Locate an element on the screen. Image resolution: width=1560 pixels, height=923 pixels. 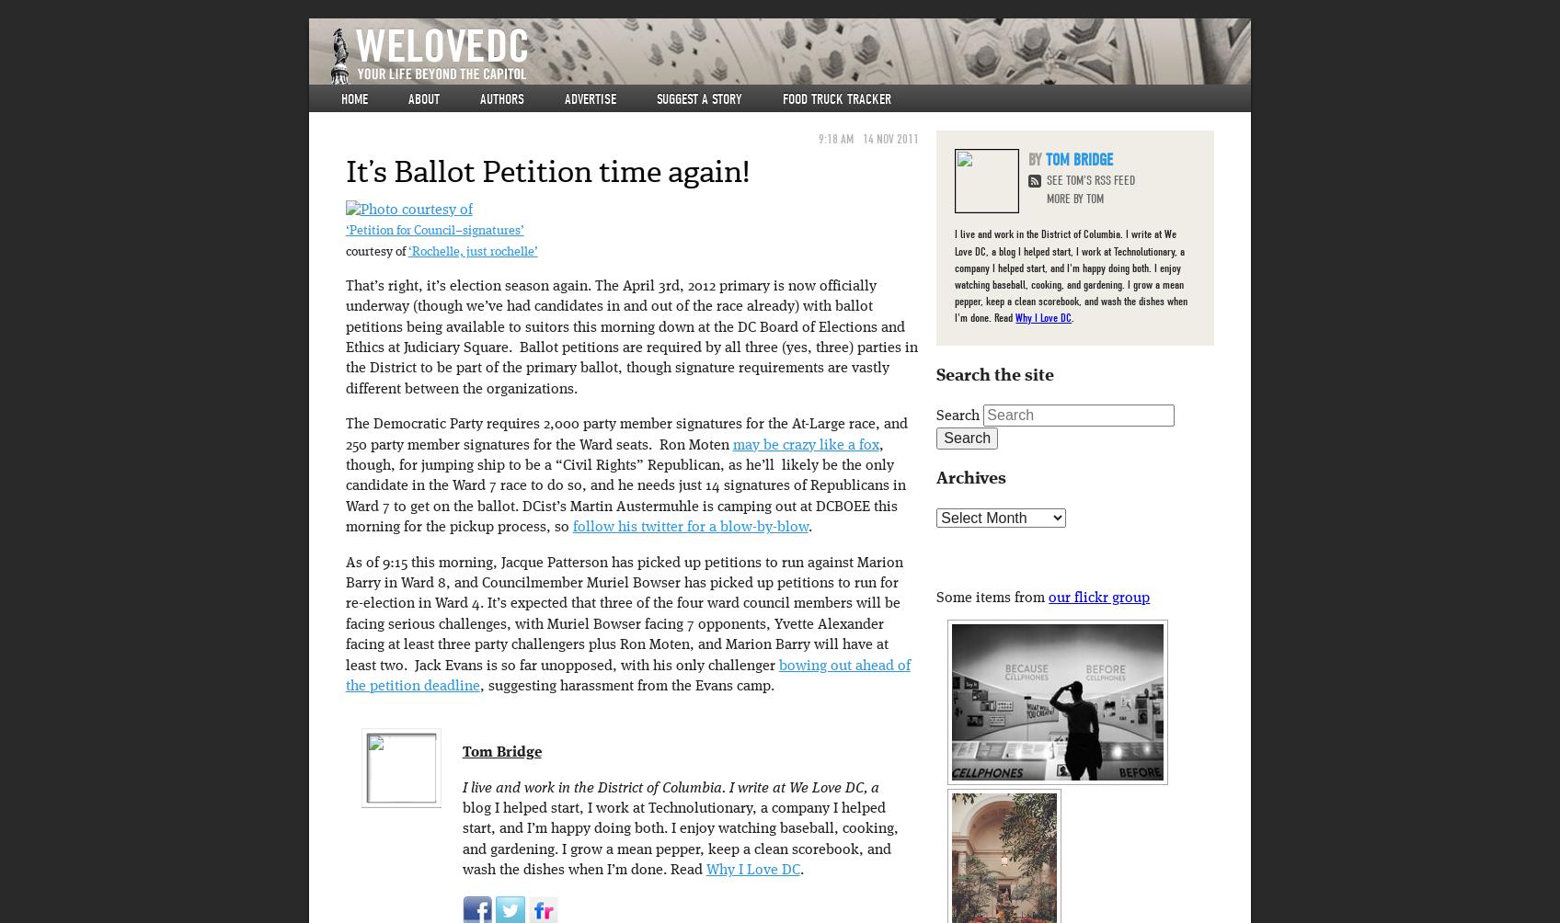
'I live and work in the District of Columbia. I write at We Love DC, a blog I helped start, I work at Technolutionary, a company I helped start, and I'm happy doing both. I enjoy watching baseball, cooking, and gardening. I grow a mean pepper, keep a clean scorebook, and wash the dishes when I'm done. Read' is located at coordinates (1071, 275).